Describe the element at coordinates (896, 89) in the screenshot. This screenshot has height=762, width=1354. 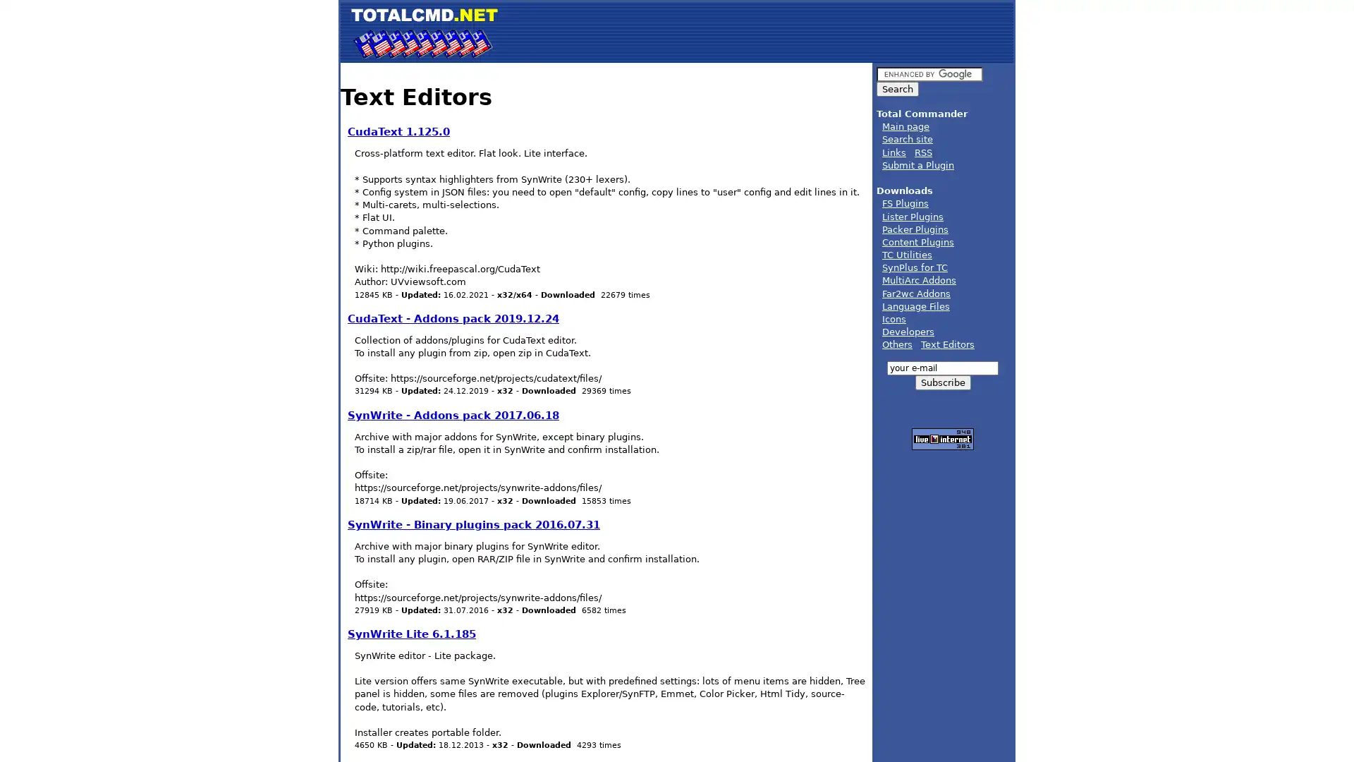
I see `Search` at that location.